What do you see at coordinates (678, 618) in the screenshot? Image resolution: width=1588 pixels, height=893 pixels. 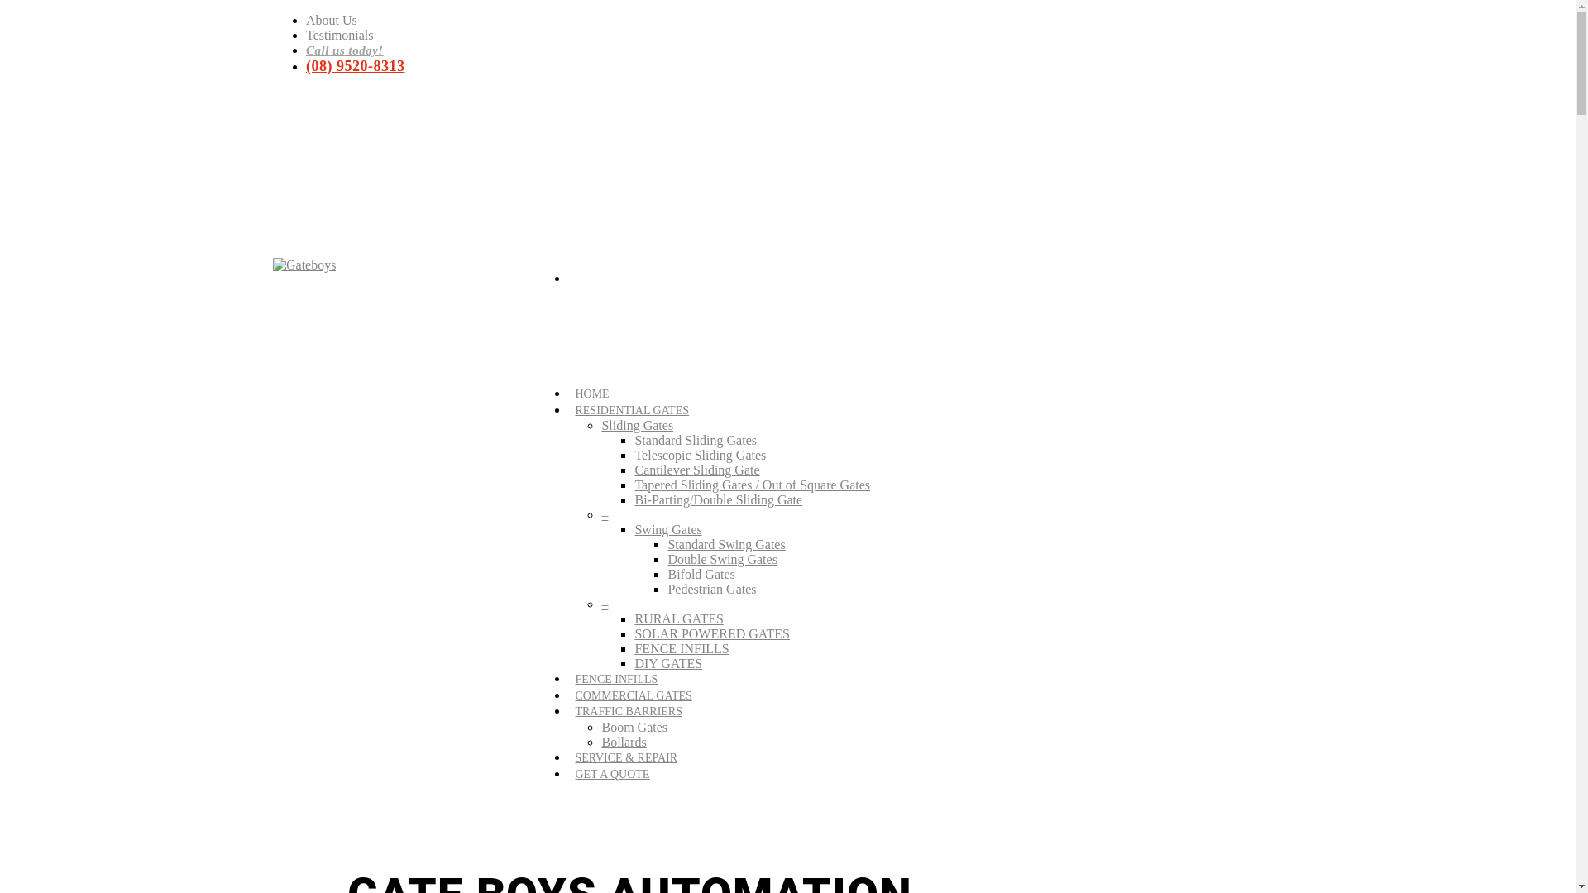 I see `'RURAL GATES'` at bounding box center [678, 618].